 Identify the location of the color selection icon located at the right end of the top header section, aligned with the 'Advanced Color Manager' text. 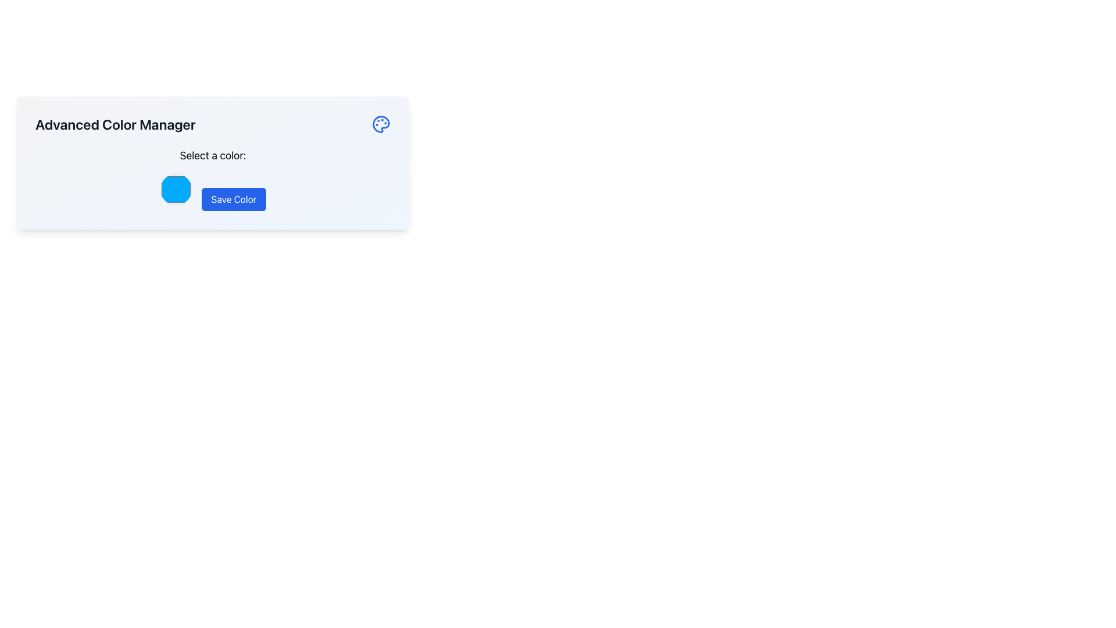
(381, 124).